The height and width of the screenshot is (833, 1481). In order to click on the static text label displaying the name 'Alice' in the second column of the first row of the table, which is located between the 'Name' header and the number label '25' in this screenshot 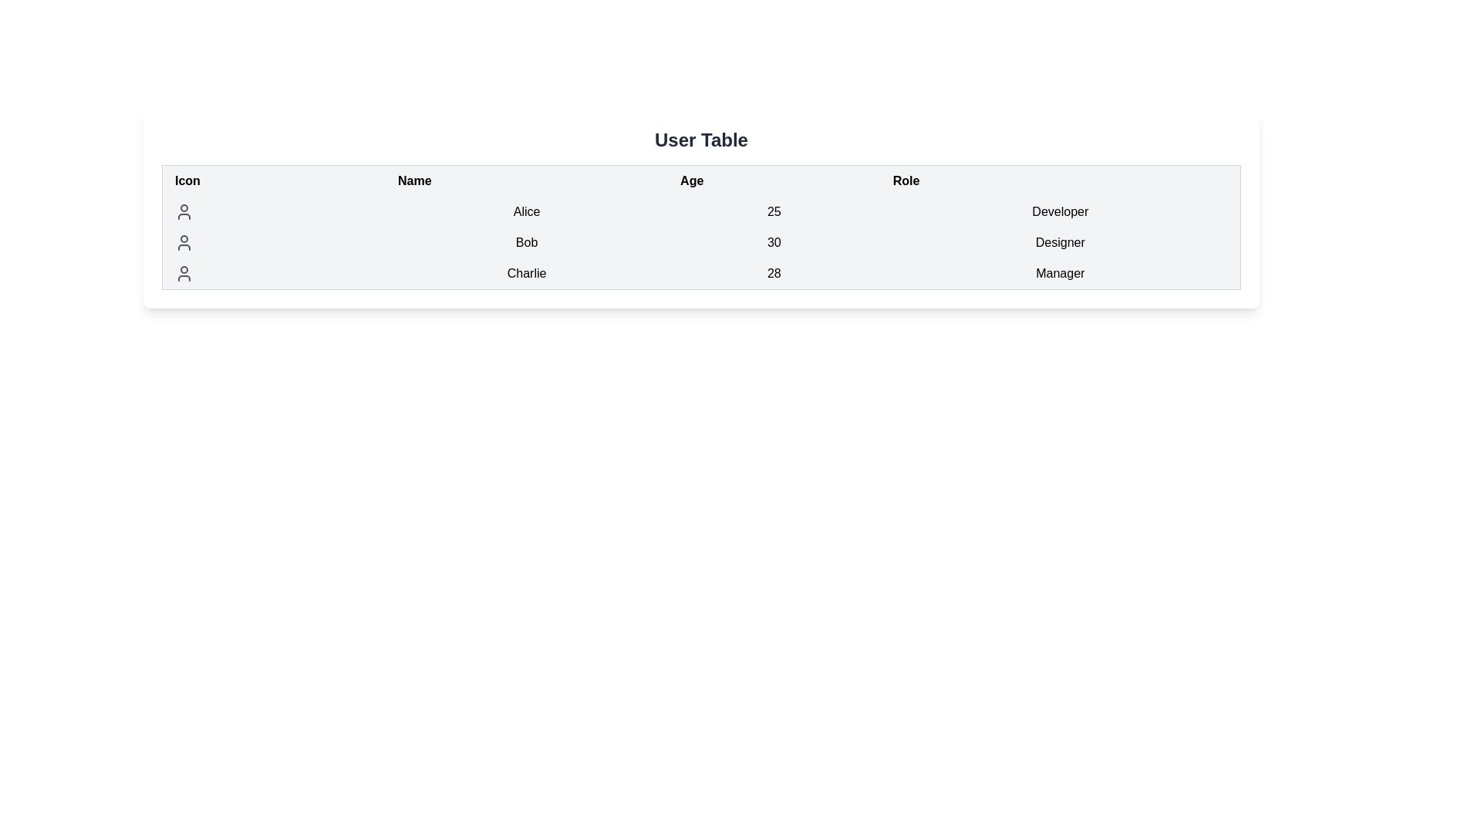, I will do `click(527, 211)`.